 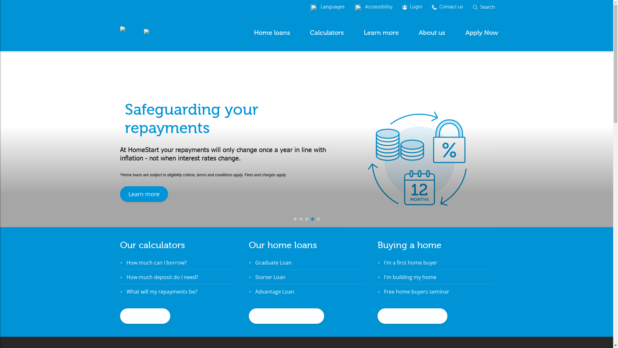 What do you see at coordinates (301, 218) in the screenshot?
I see `'2'` at bounding box center [301, 218].